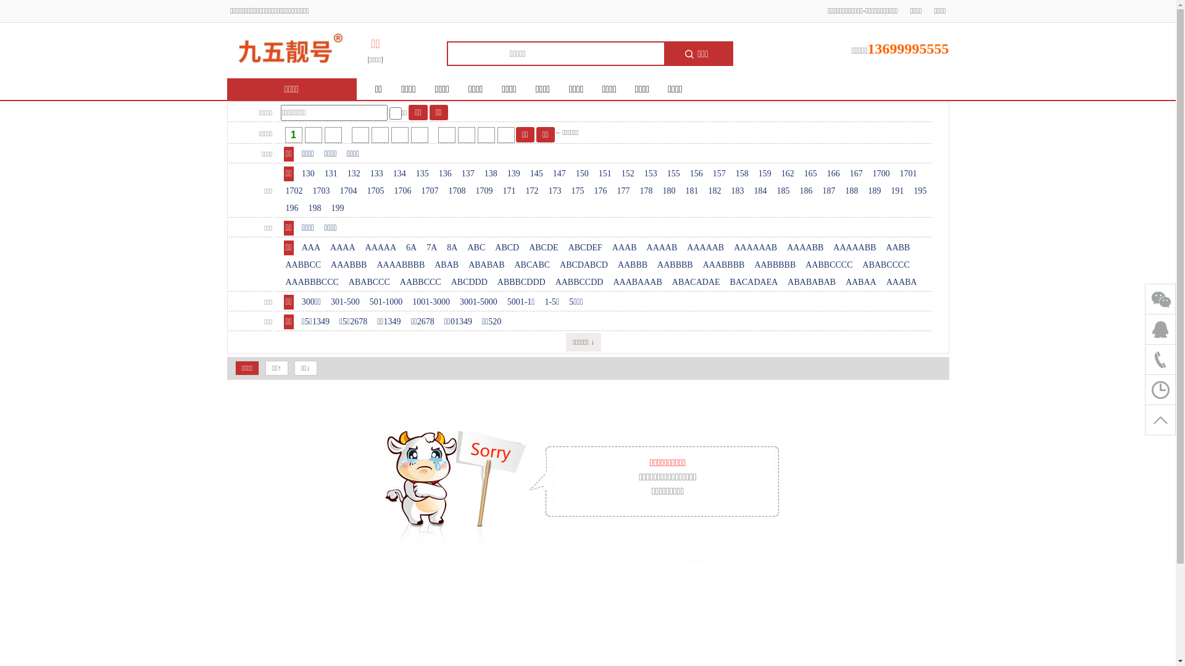 This screenshot has height=666, width=1185. I want to click on '7A', so click(431, 247).